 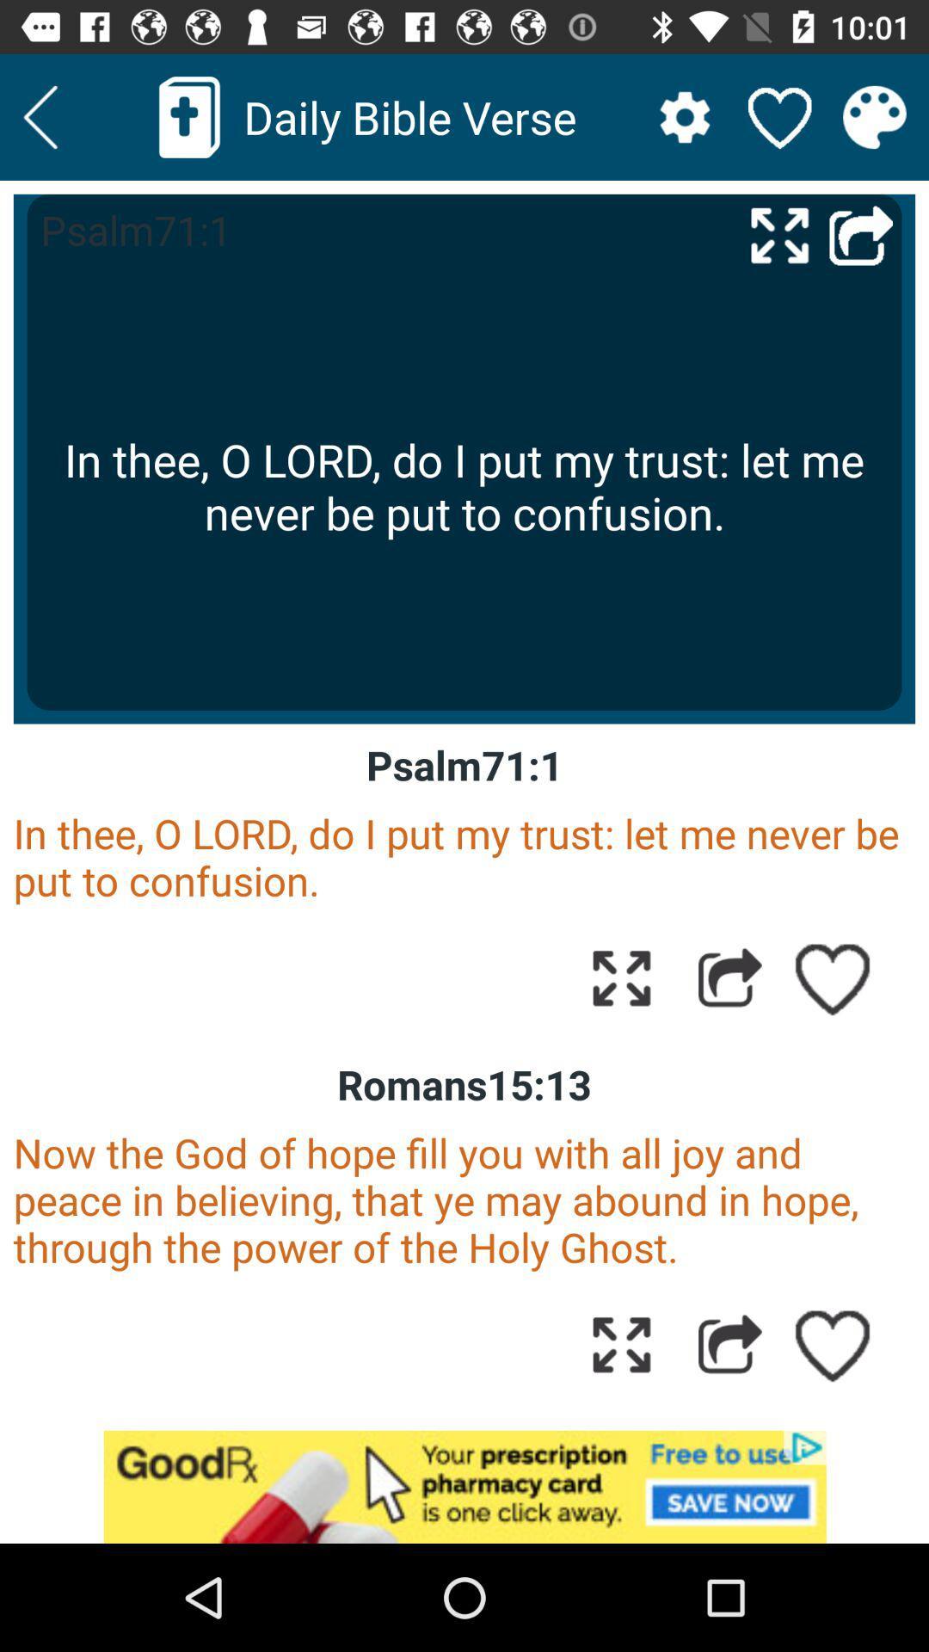 I want to click on expand, so click(x=621, y=977).